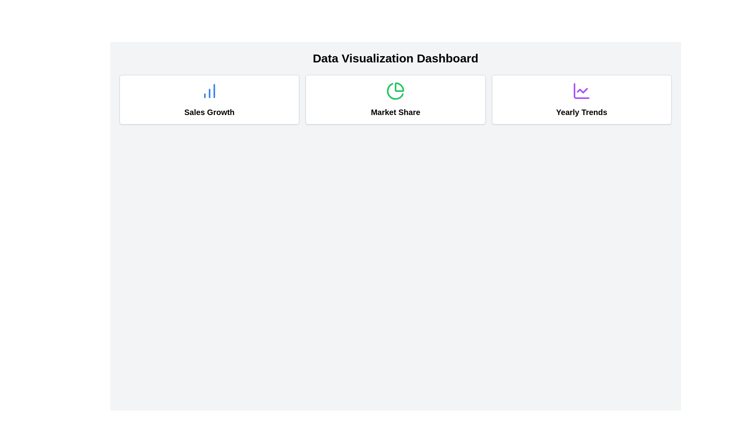  What do you see at coordinates (395, 90) in the screenshot?
I see `the 'Market Share' icon within the Data Visualization Dashboard interface, which is part of a selection interface for data categories` at bounding box center [395, 90].